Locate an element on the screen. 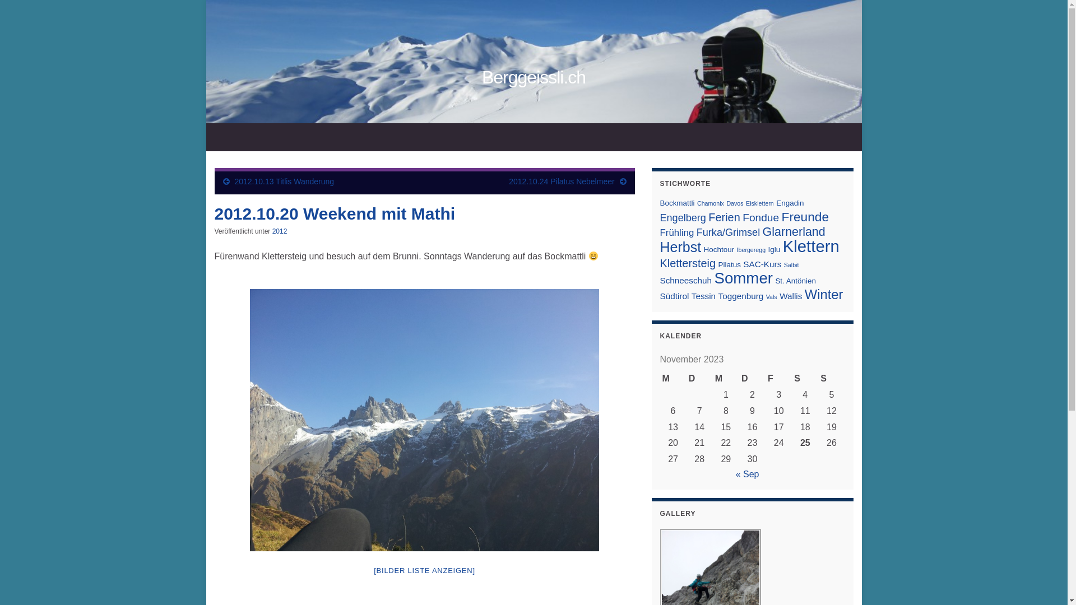 The height and width of the screenshot is (605, 1076). 'Berggeissli.ch' is located at coordinates (533, 77).